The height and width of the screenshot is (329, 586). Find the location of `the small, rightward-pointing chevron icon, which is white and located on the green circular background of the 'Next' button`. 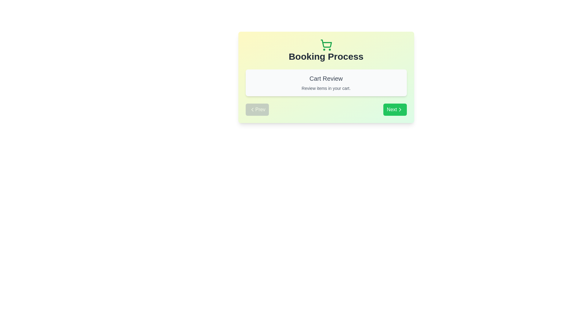

the small, rightward-pointing chevron icon, which is white and located on the green circular background of the 'Next' button is located at coordinates (400, 109).